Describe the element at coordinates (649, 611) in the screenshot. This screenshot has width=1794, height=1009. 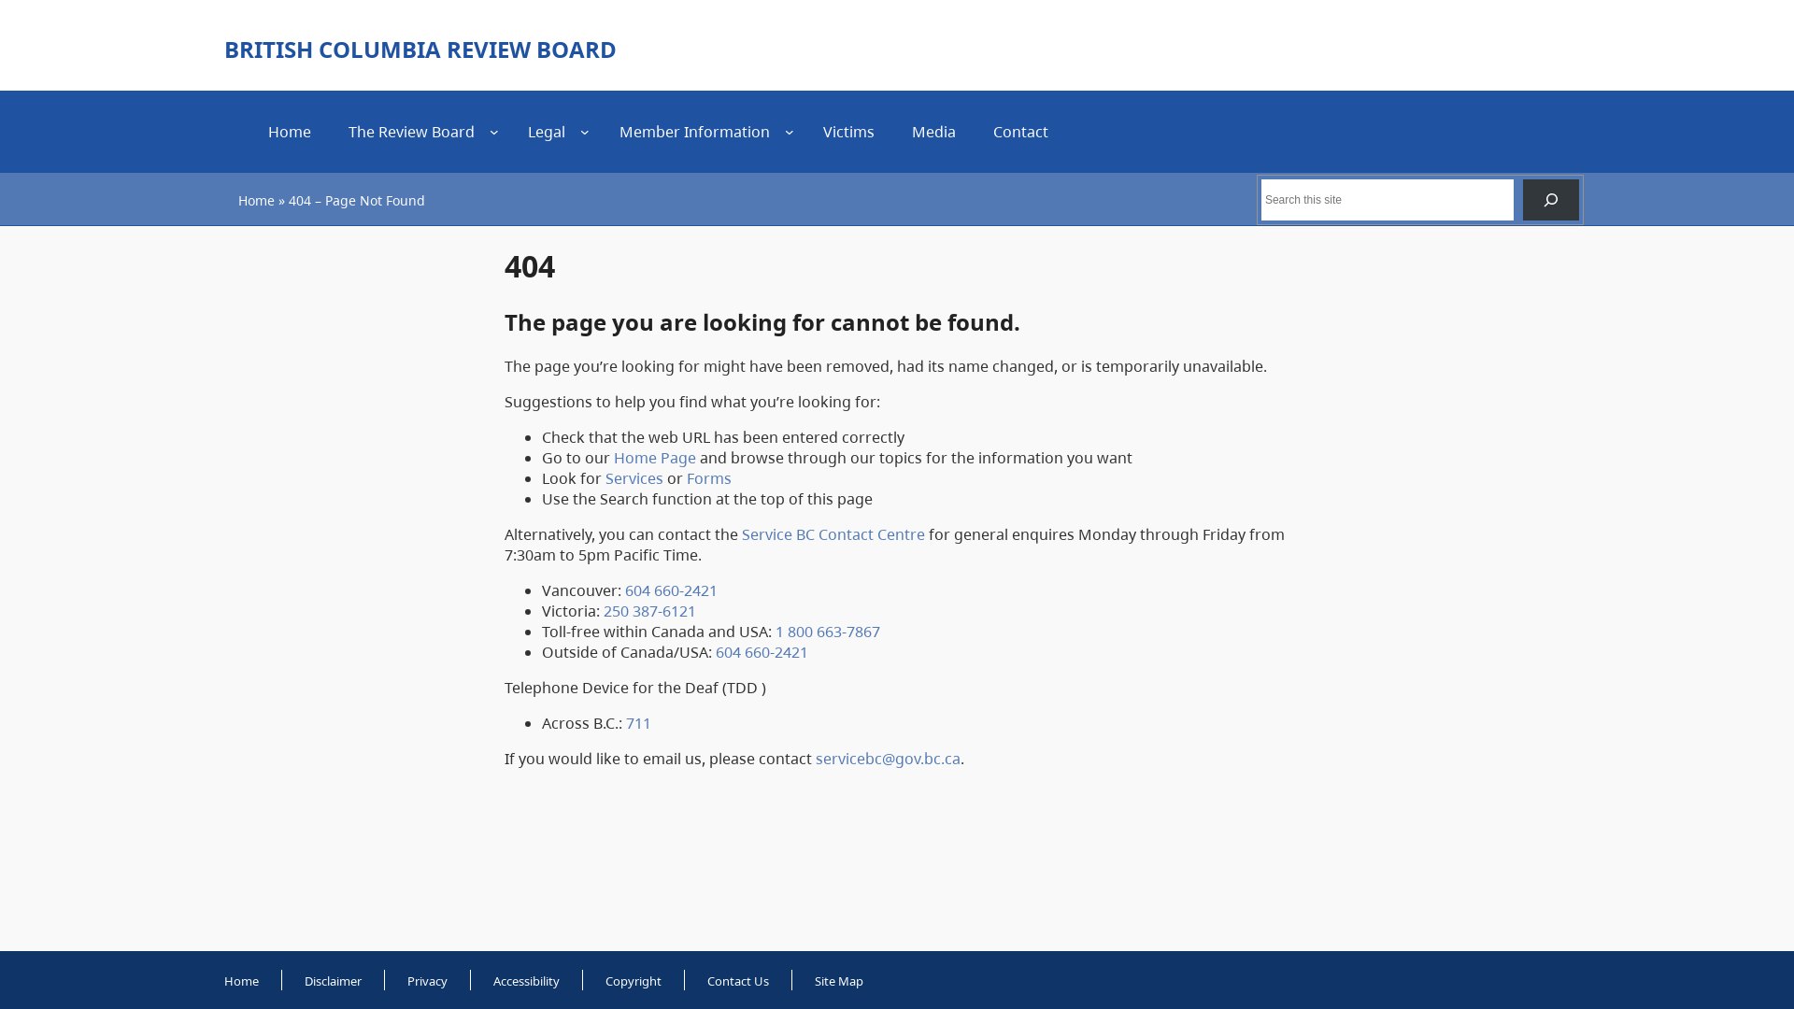
I see `'250 387-6121'` at that location.